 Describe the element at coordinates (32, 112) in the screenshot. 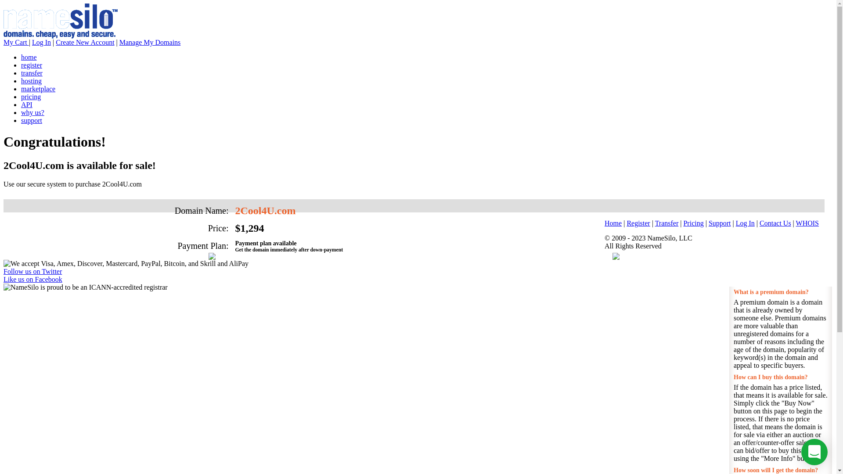

I see `'why us?'` at that location.